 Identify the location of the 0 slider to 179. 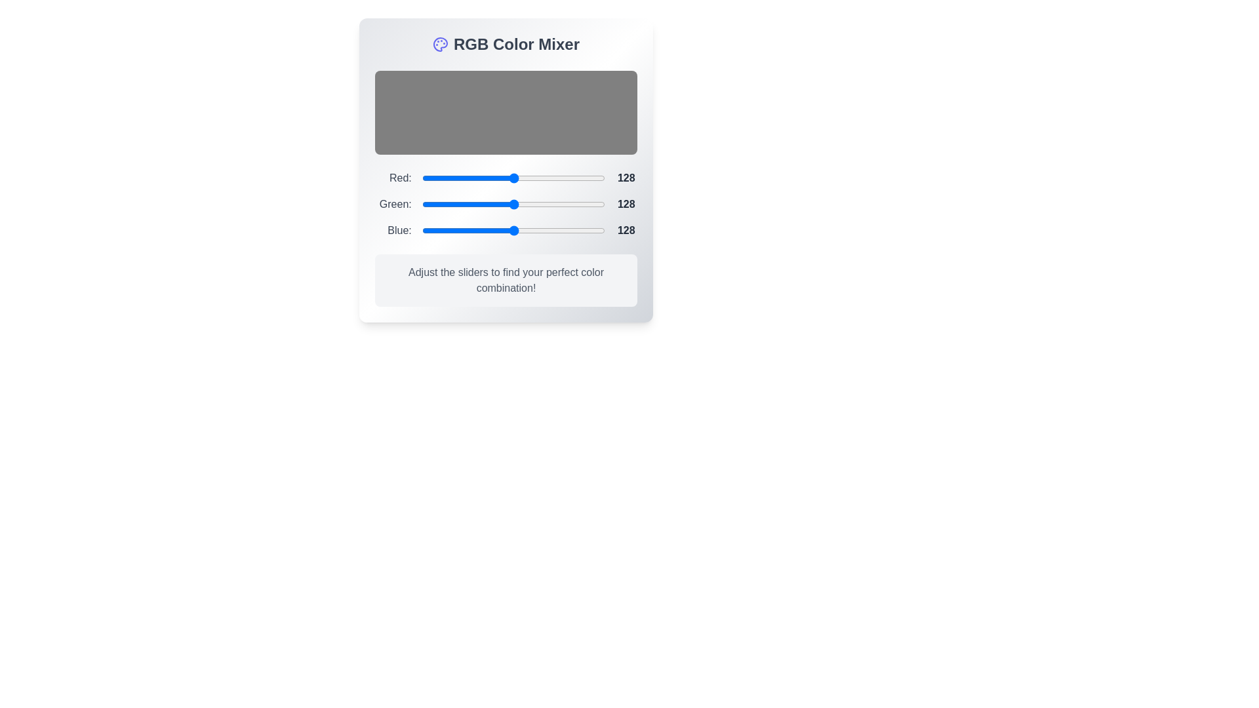
(550, 178).